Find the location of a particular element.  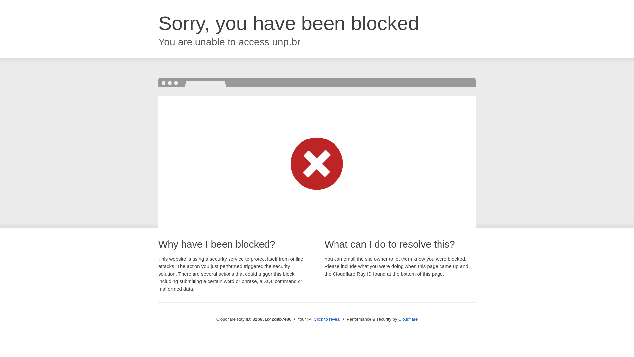

'Click to reveal' is located at coordinates (313, 319).